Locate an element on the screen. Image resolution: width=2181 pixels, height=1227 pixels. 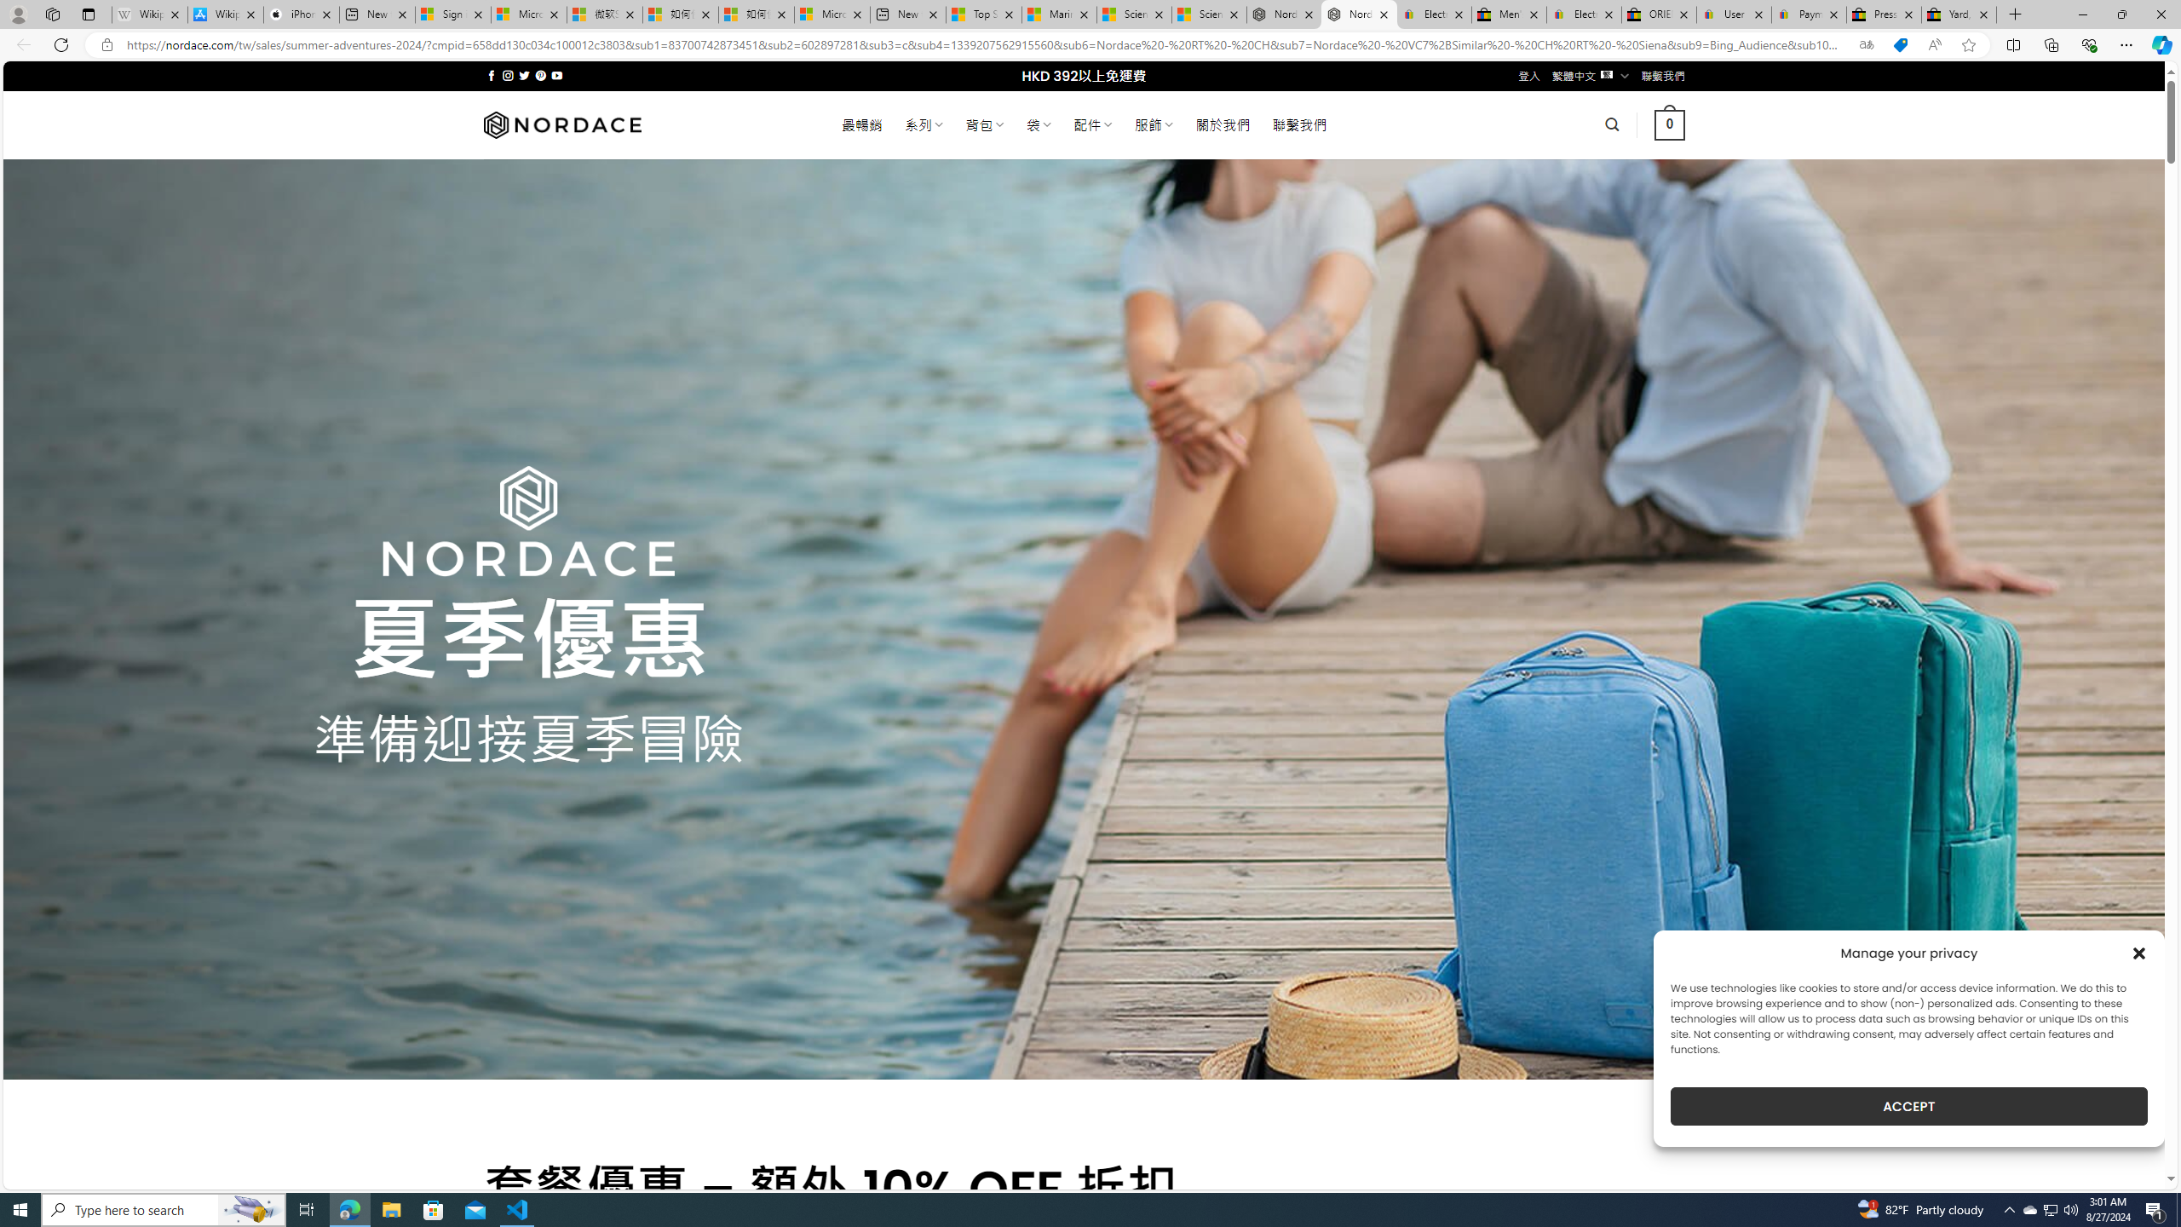
'Follow on YouTube' is located at coordinates (556, 75).